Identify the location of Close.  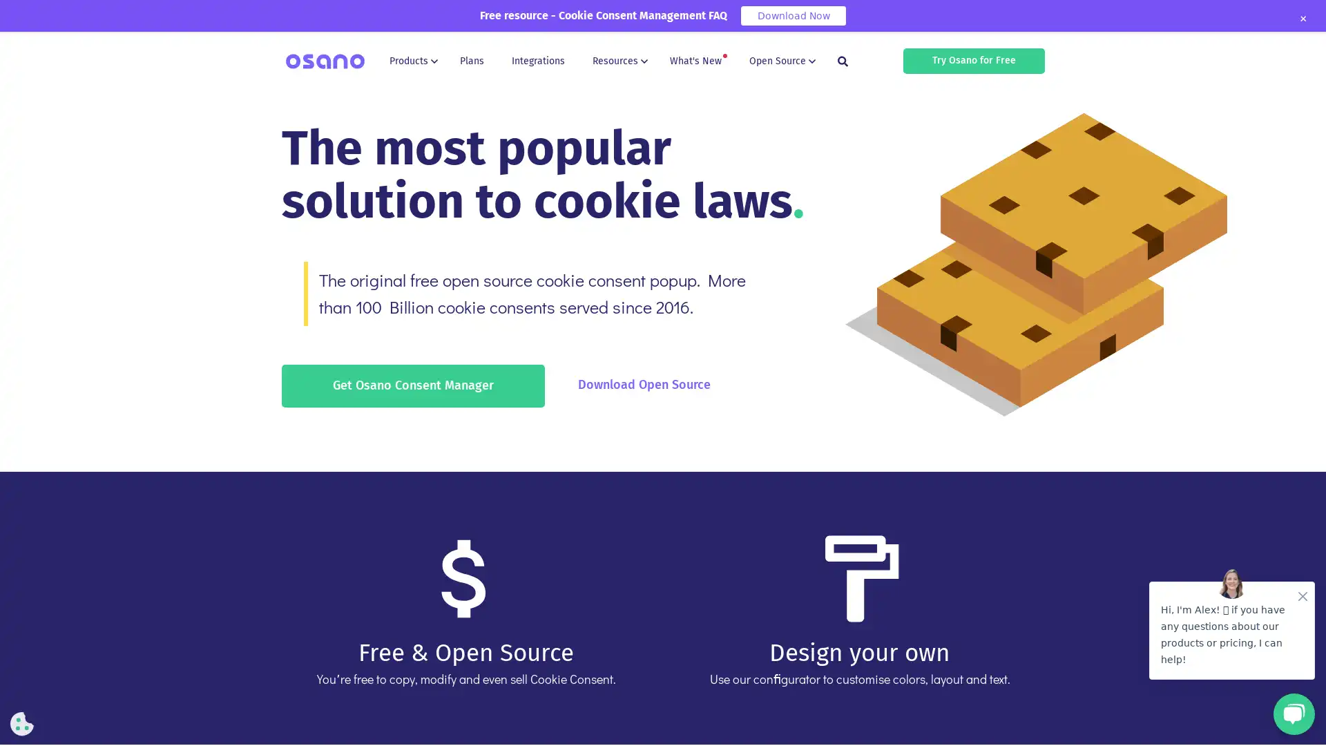
(1302, 19).